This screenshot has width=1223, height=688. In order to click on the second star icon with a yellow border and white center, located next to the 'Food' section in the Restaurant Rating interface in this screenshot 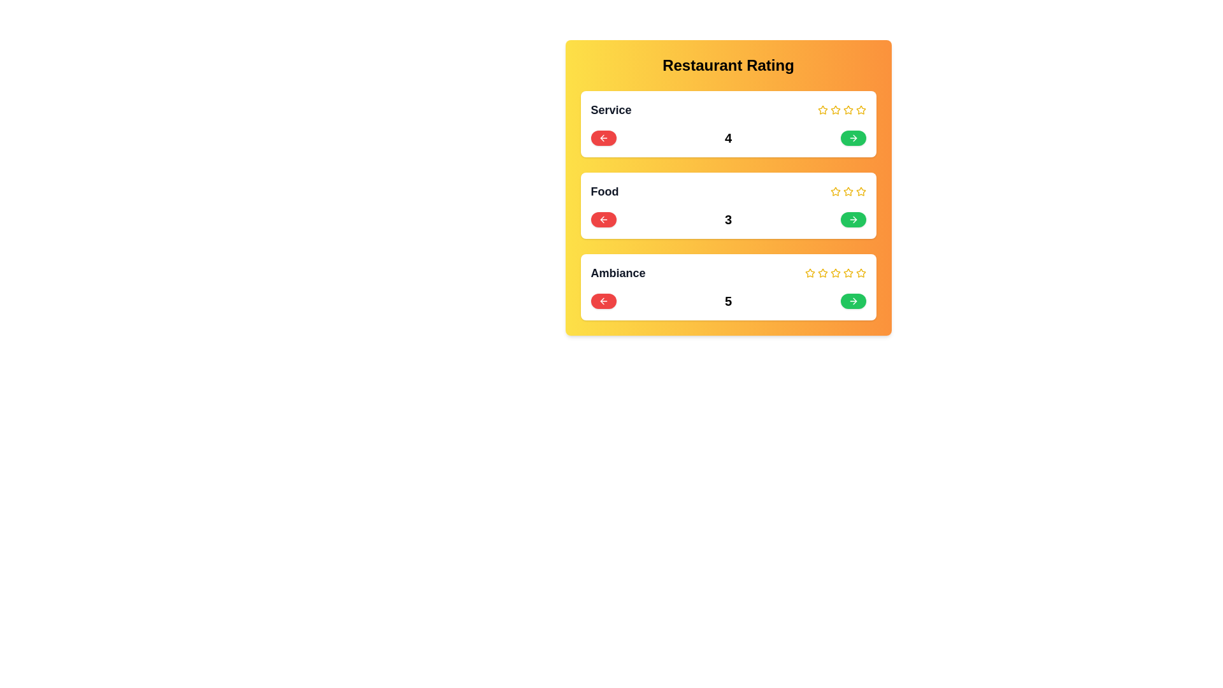, I will do `click(848, 191)`.